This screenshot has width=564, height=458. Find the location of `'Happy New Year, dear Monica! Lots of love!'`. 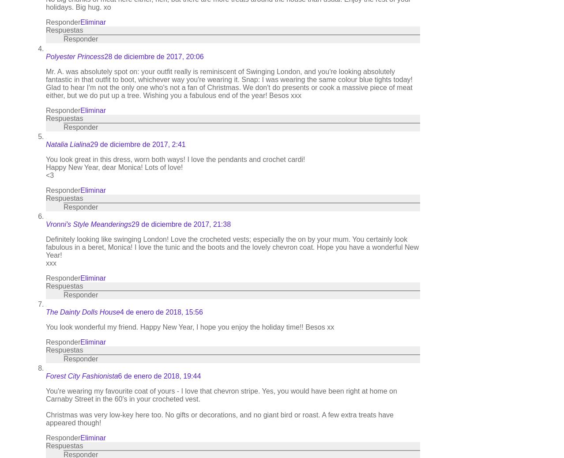

'Happy New Year, dear Monica! Lots of love!' is located at coordinates (45, 167).